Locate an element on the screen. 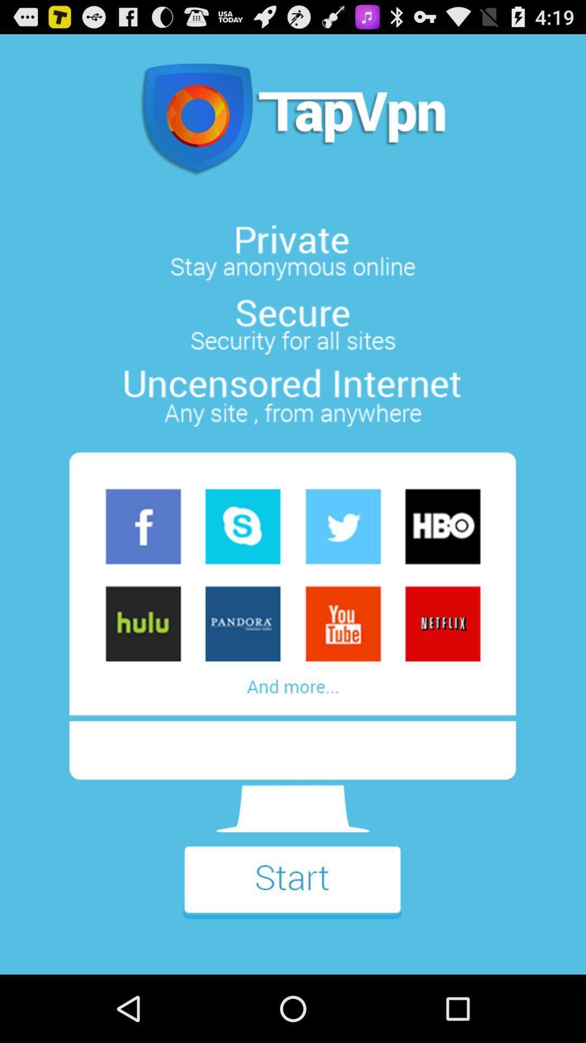  for start vpn is located at coordinates (292, 889).